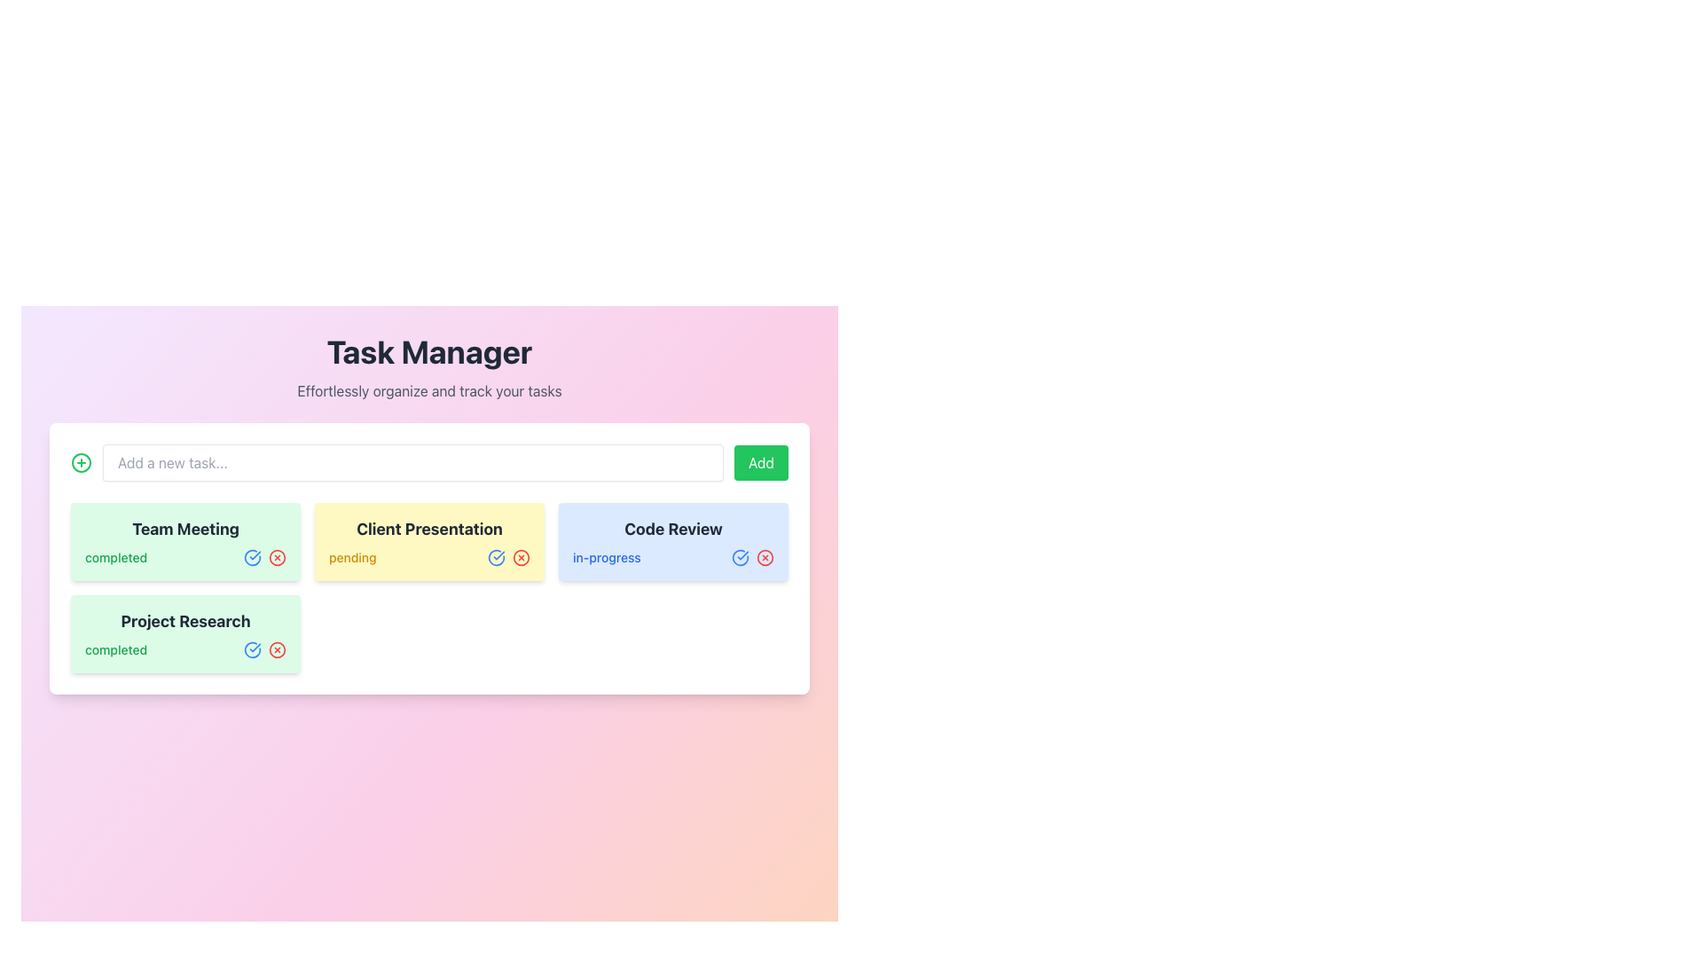 Image resolution: width=1703 pixels, height=958 pixels. What do you see at coordinates (185, 621) in the screenshot?
I see `the text label displaying 'Project Research' from its position in the third task card` at bounding box center [185, 621].